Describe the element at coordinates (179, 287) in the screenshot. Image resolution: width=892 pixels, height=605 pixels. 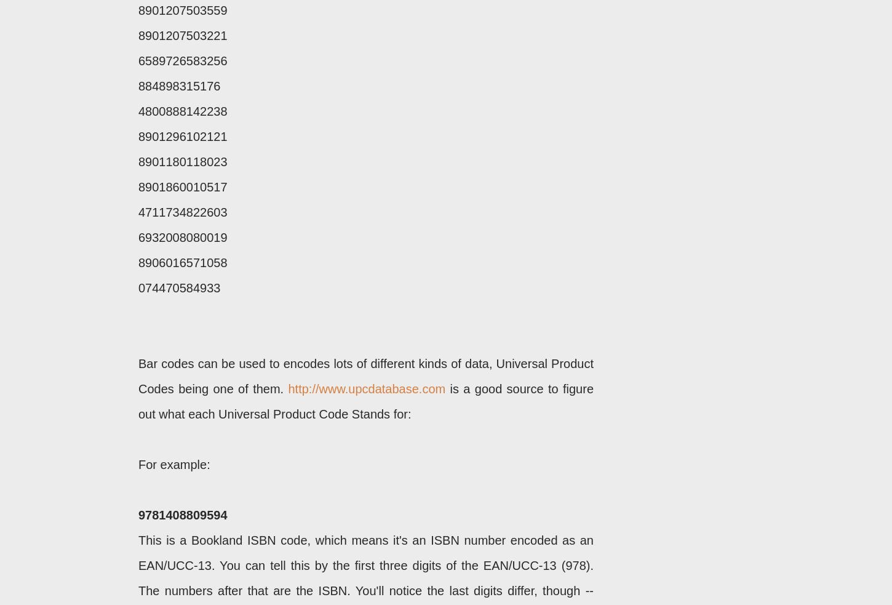
I see `'074470584933'` at that location.